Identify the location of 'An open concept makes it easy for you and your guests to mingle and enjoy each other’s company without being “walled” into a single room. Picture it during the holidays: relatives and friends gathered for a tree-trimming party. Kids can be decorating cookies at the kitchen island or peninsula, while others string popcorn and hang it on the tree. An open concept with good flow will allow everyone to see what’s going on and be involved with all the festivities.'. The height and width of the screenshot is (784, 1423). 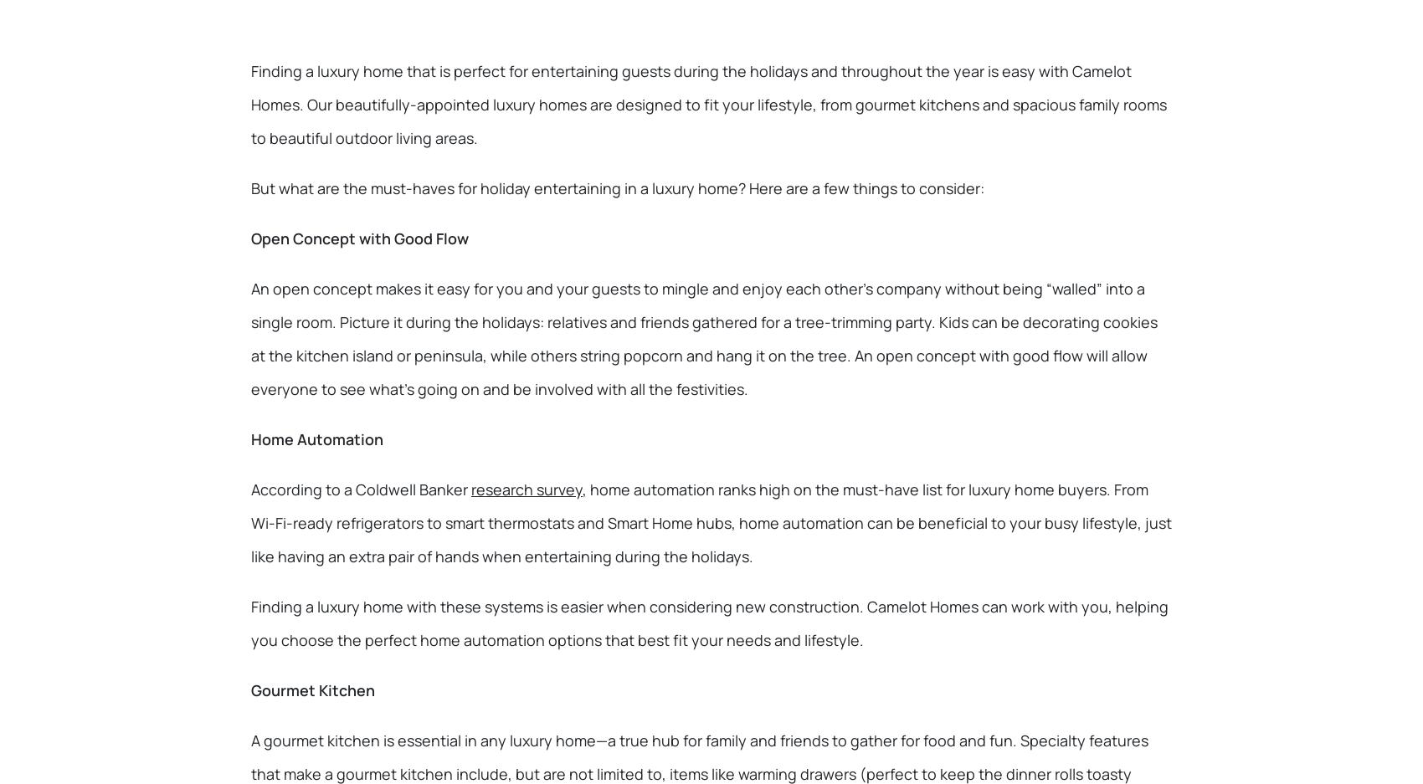
(703, 338).